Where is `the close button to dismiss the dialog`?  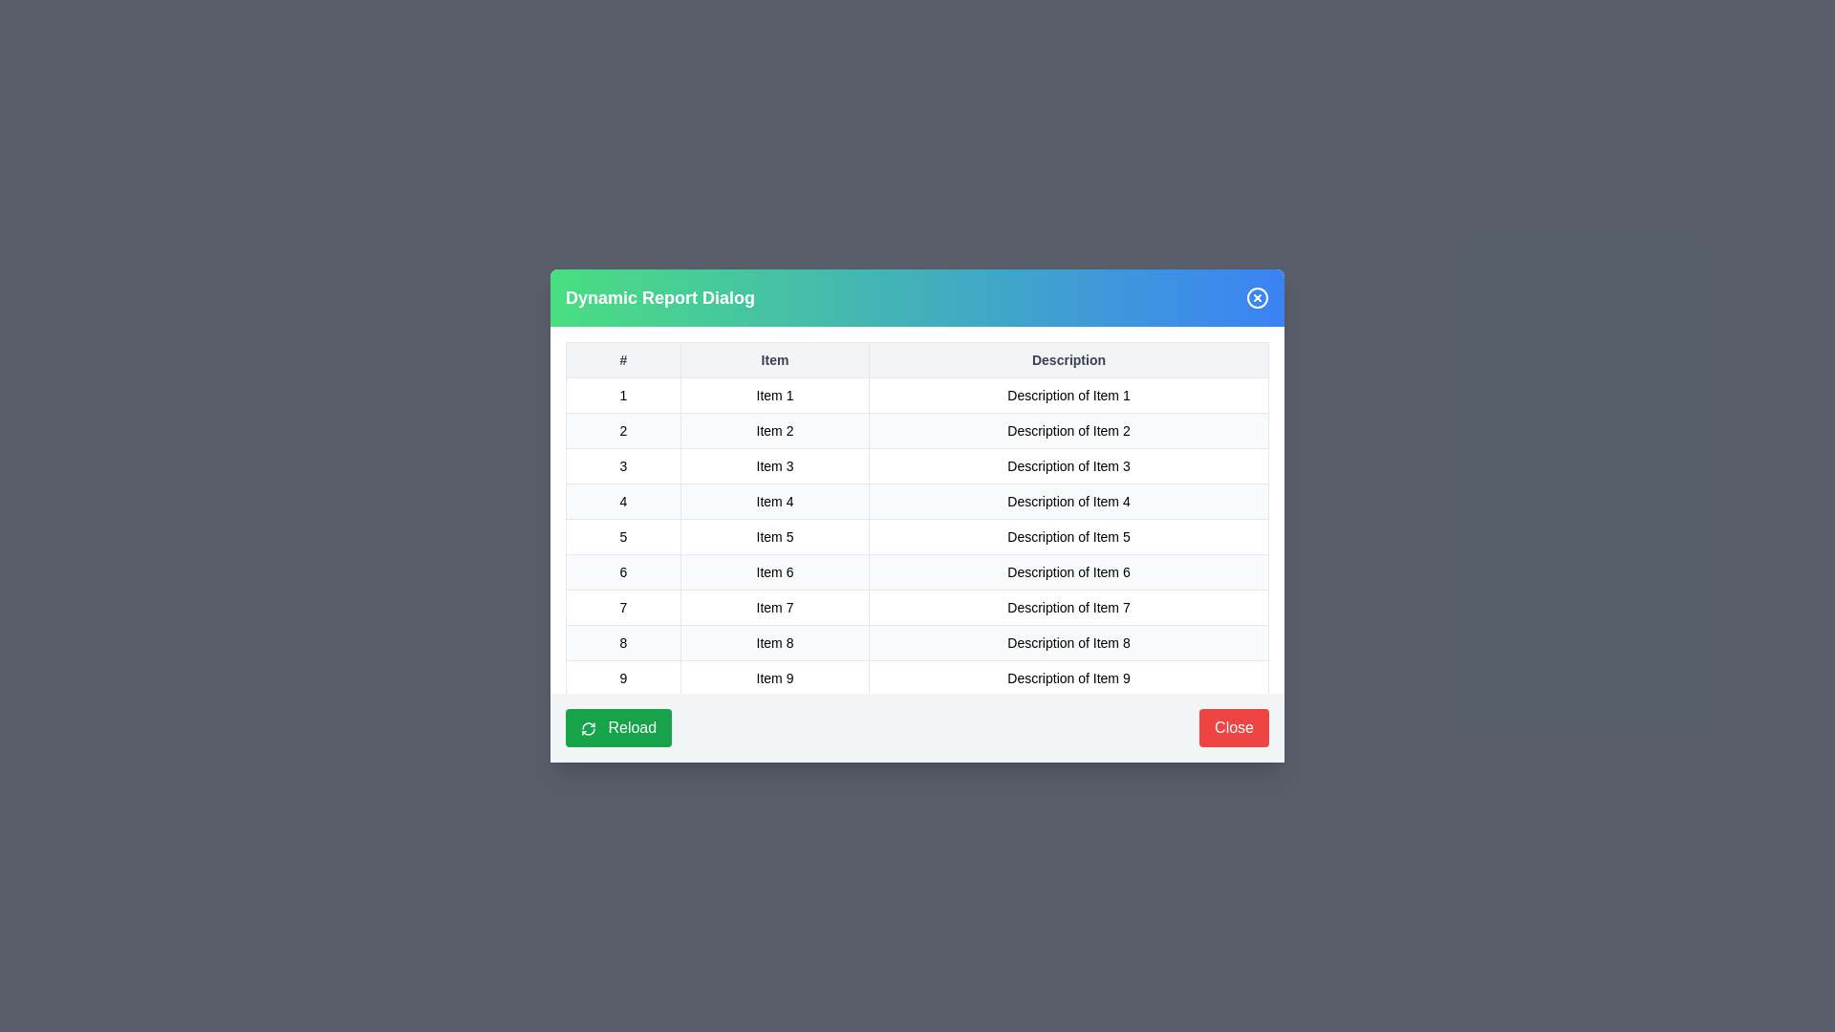 the close button to dismiss the dialog is located at coordinates (1257, 298).